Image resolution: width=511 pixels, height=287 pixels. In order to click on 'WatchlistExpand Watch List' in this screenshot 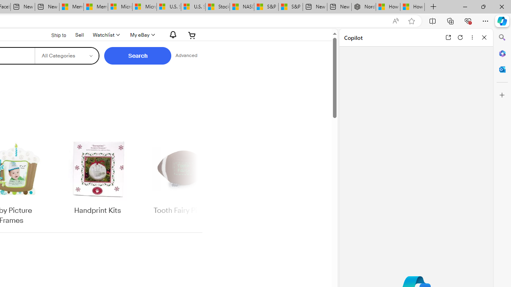, I will do `click(105, 35)`.